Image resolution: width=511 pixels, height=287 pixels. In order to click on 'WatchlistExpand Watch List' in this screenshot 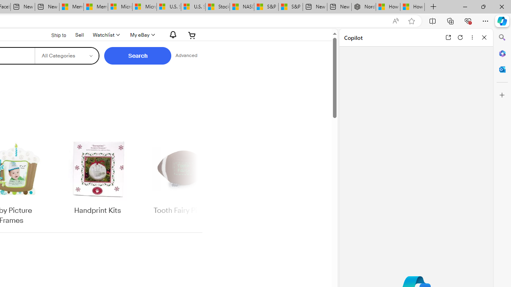, I will do `click(105, 35)`.